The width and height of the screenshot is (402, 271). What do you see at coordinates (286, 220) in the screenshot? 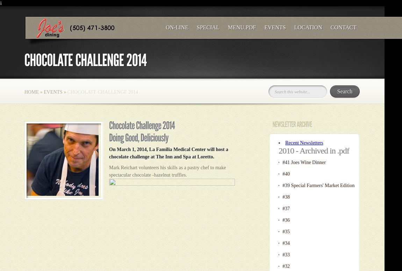
I see `'#36'` at bounding box center [286, 220].